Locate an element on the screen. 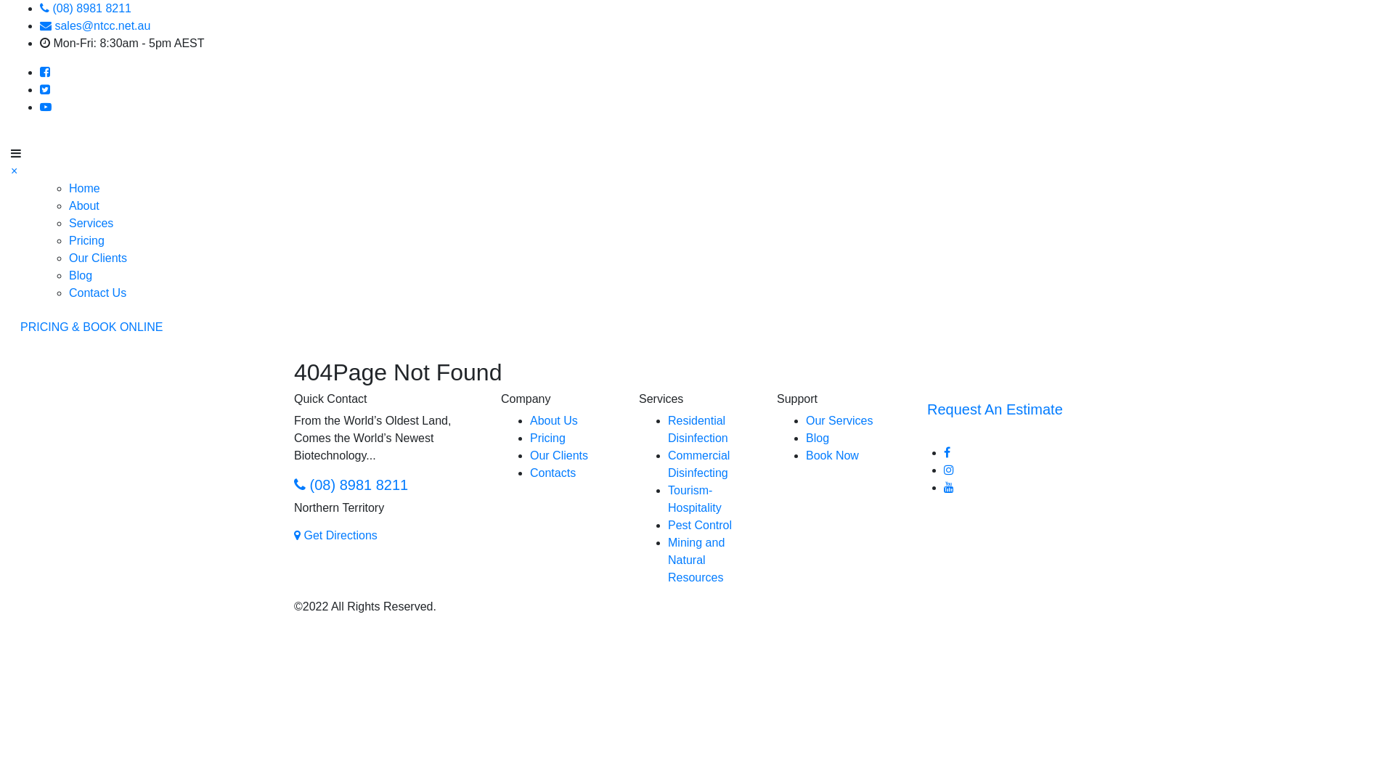 This screenshot has width=1394, height=784. 'Contact Us' is located at coordinates (97, 293).